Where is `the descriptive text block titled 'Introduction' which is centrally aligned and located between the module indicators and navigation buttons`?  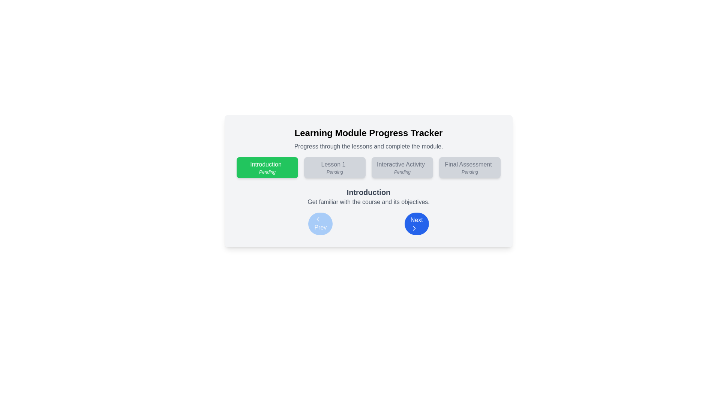
the descriptive text block titled 'Introduction' which is centrally aligned and located between the module indicators and navigation buttons is located at coordinates (369, 196).